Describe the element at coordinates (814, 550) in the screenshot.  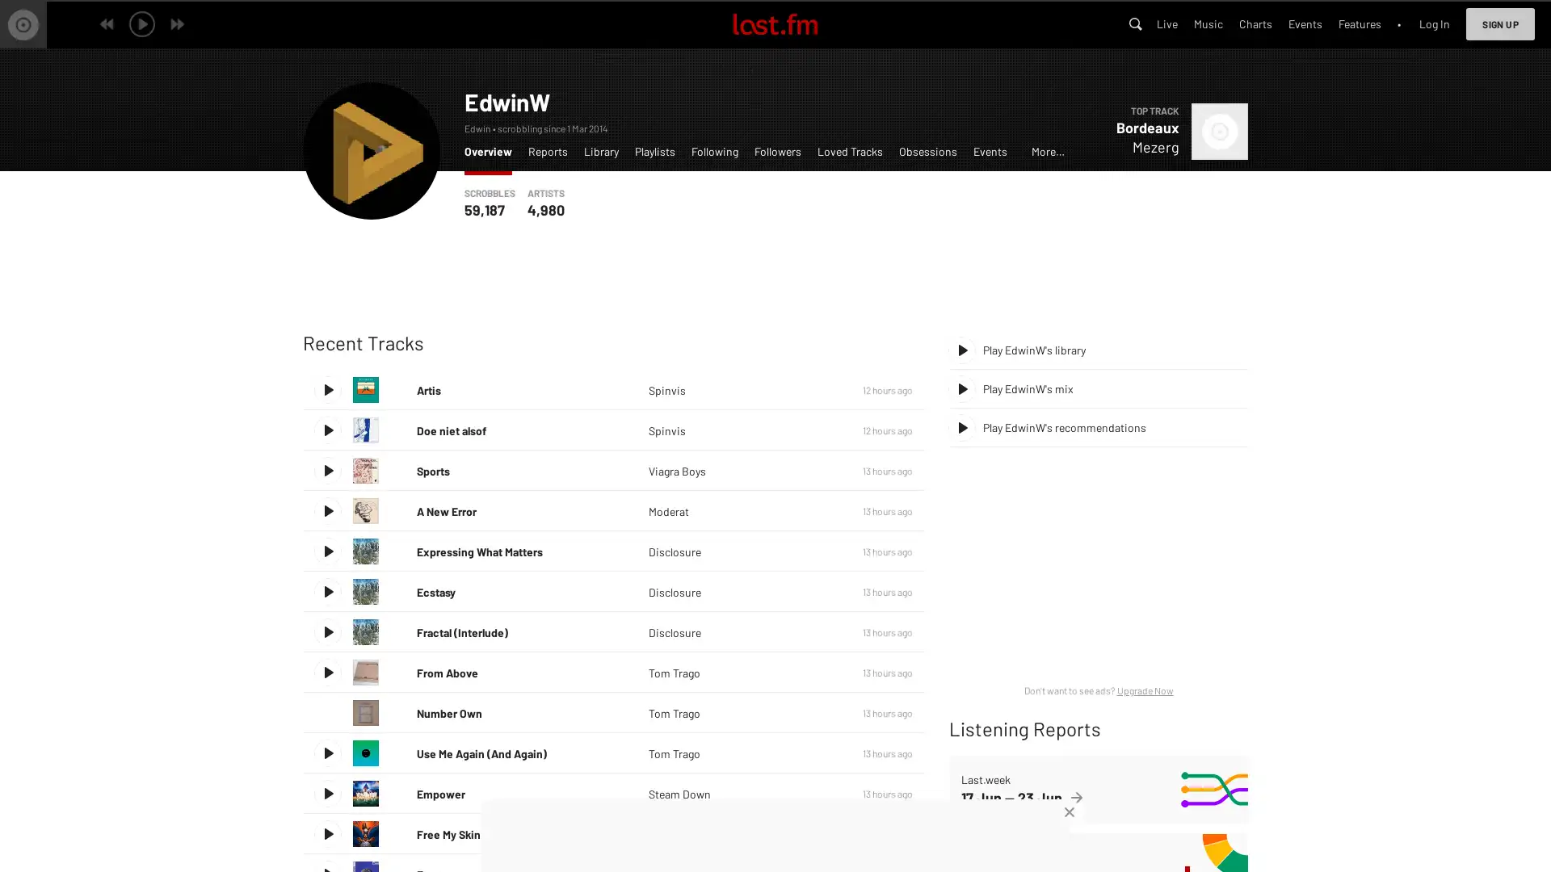
I see `More` at that location.